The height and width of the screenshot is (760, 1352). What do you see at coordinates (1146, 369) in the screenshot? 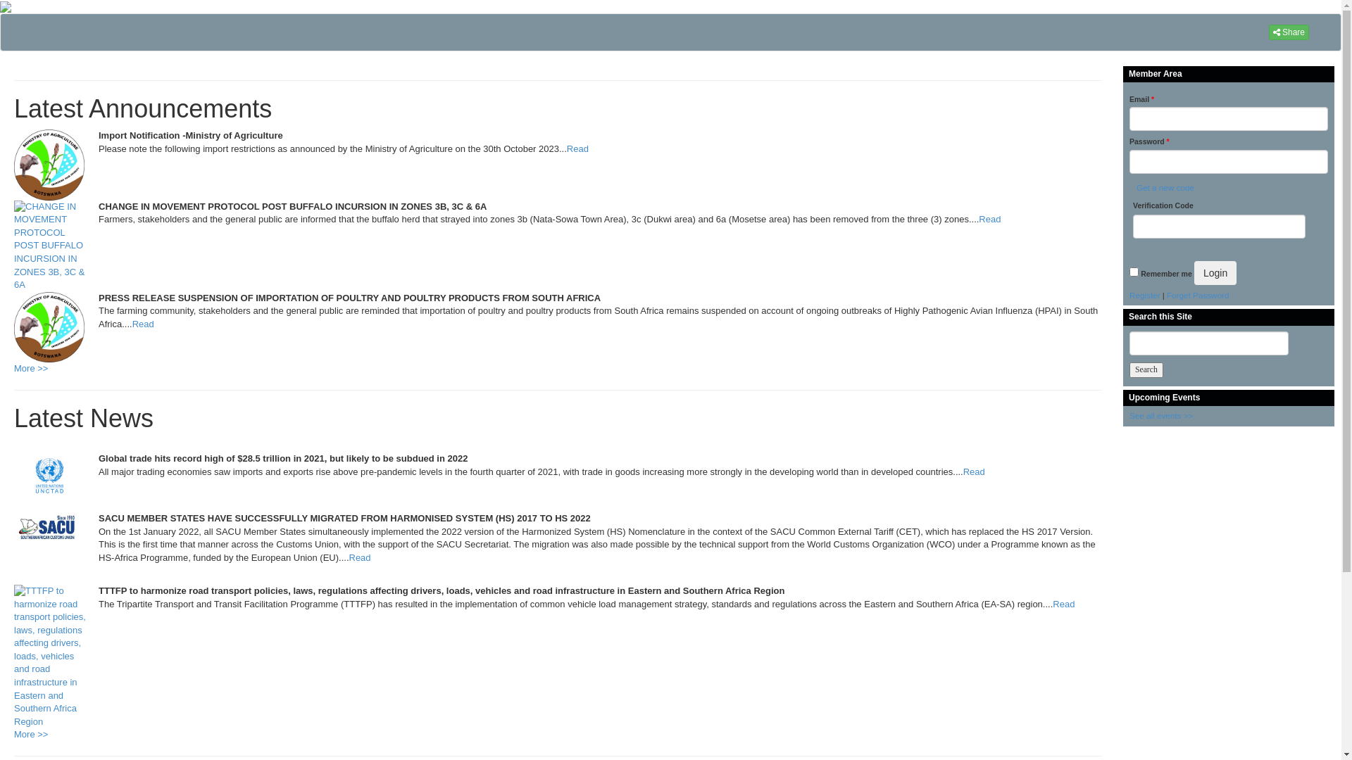
I see `'Search'` at bounding box center [1146, 369].